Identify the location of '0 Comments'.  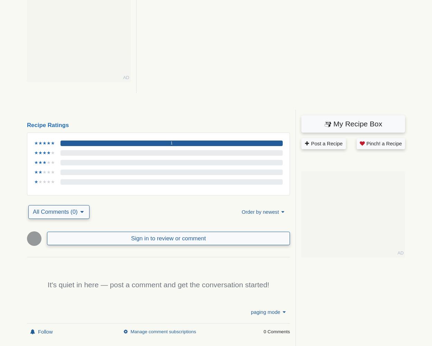
(276, 331).